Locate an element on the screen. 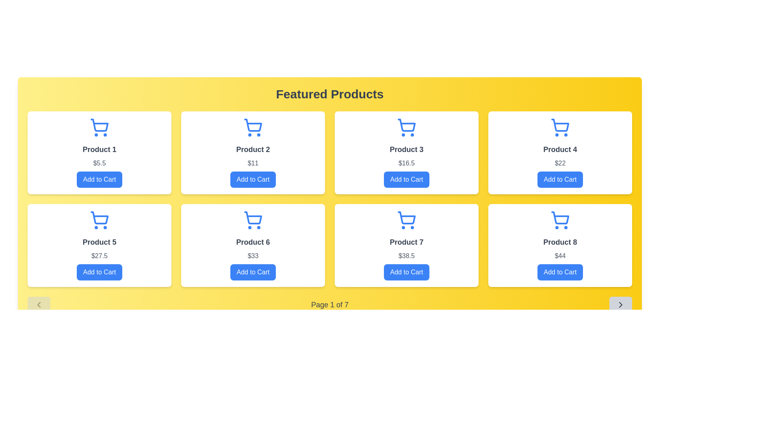  the shopping cart icon representing the product 'Product 1', which is visually positioned above the product's text description is located at coordinates (99, 125).